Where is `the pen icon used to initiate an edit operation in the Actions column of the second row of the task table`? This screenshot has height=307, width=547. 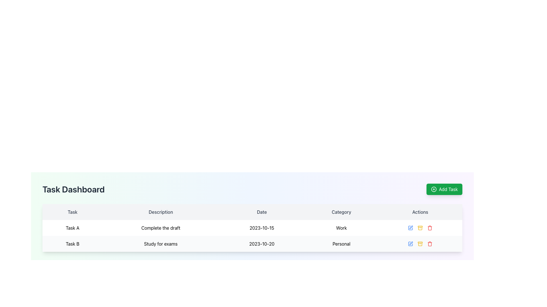 the pen icon used to initiate an edit operation in the Actions column of the second row of the task table is located at coordinates (411, 227).